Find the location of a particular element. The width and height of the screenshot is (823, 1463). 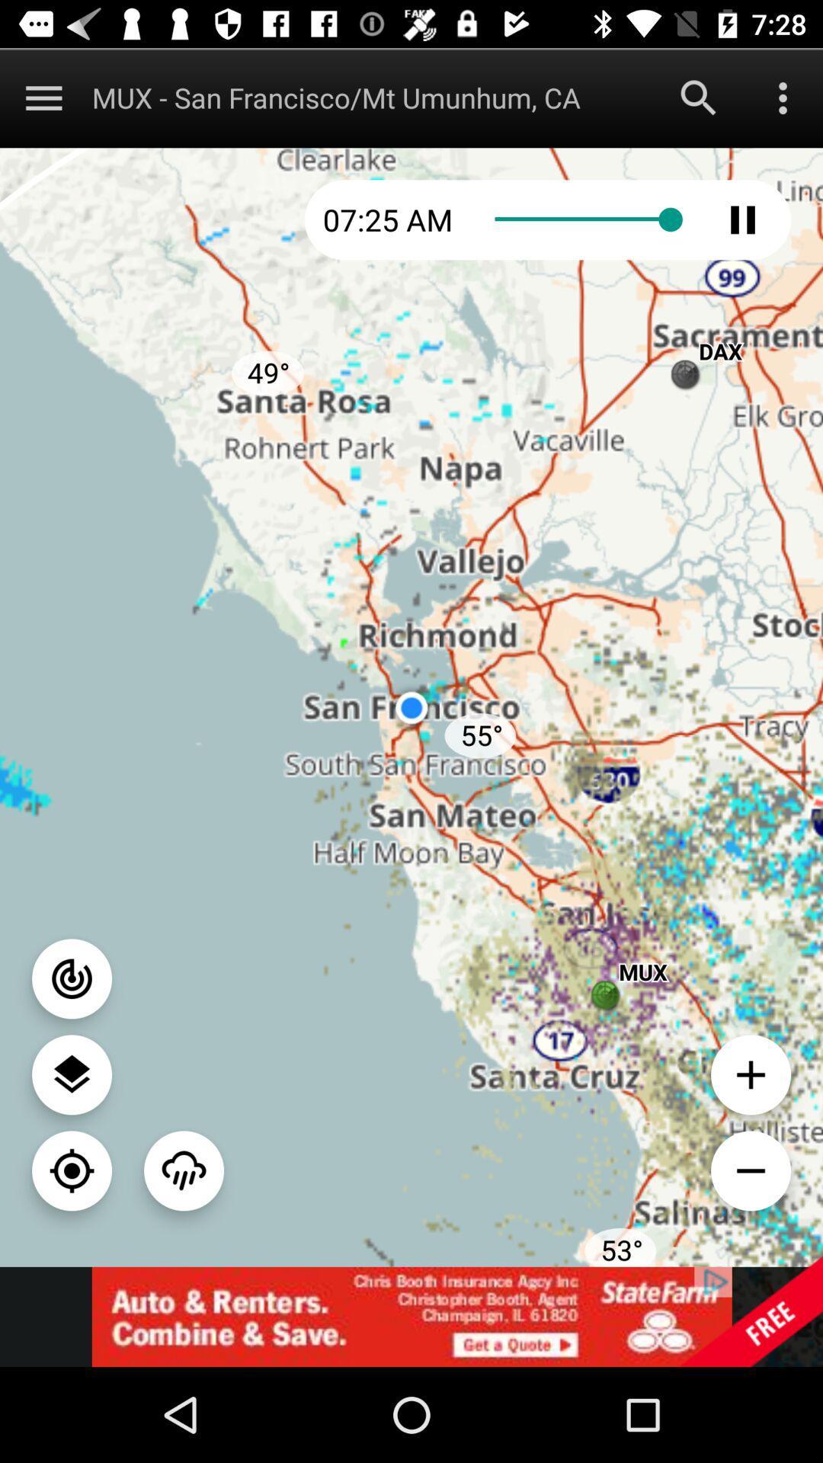

decreas is located at coordinates (750, 1170).